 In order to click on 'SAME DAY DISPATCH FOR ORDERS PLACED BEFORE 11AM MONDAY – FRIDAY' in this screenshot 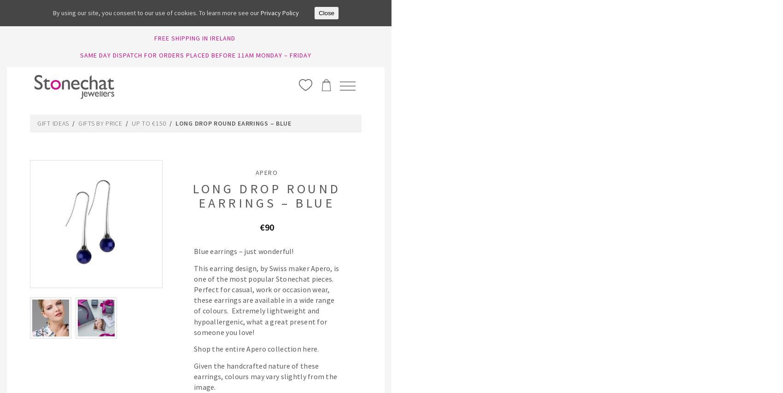, I will do `click(196, 55)`.